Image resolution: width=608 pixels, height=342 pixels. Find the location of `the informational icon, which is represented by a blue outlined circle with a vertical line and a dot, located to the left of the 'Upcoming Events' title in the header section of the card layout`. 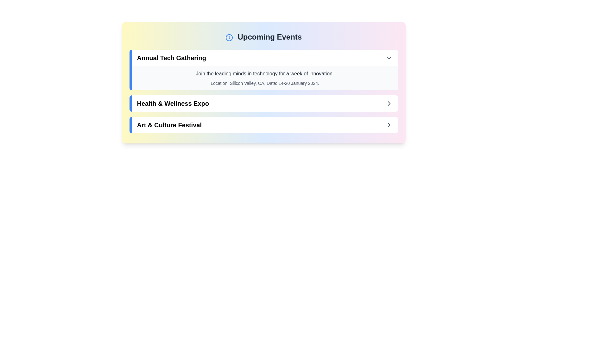

the informational icon, which is represented by a blue outlined circle with a vertical line and a dot, located to the left of the 'Upcoming Events' title in the header section of the card layout is located at coordinates (229, 37).